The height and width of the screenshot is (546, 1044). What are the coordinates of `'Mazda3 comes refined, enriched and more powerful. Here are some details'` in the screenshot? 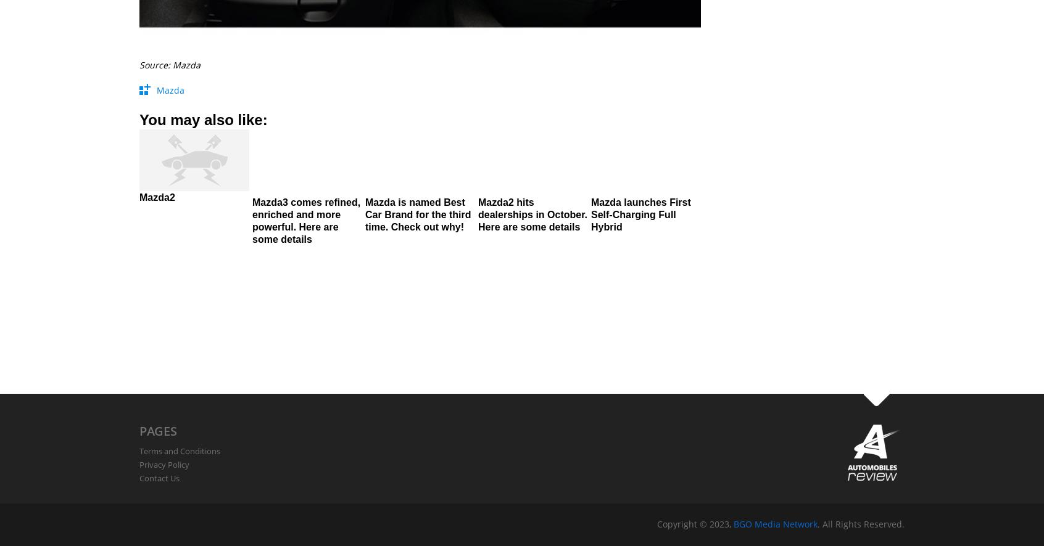 It's located at (306, 220).